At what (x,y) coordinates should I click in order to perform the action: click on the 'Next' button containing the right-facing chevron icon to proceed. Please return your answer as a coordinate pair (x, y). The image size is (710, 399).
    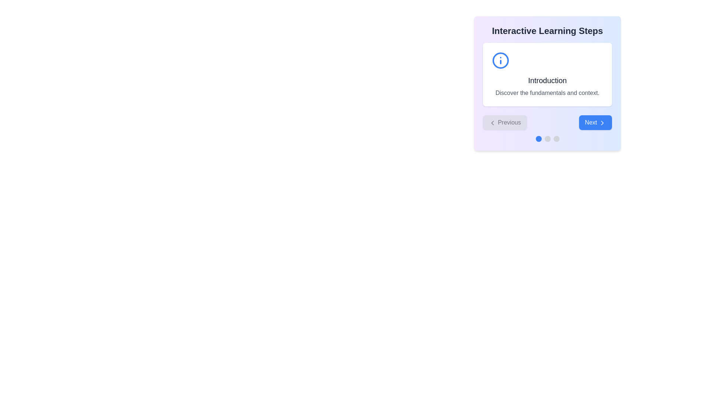
    Looking at the image, I should click on (602, 122).